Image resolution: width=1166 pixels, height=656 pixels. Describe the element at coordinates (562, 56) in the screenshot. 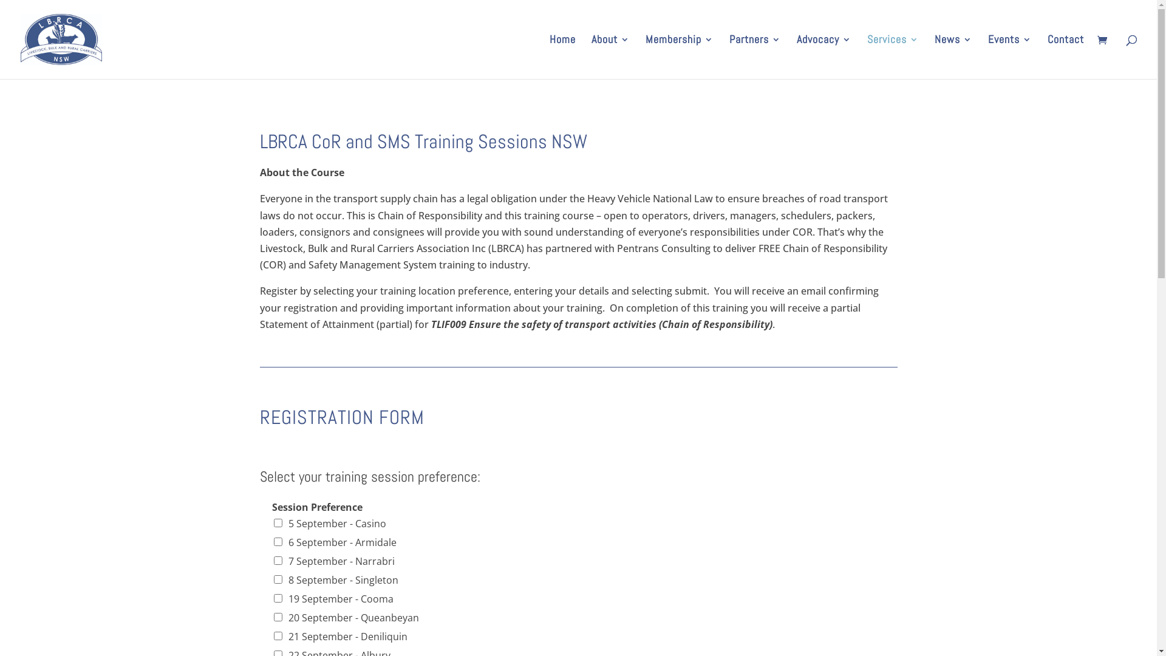

I see `'Home'` at that location.